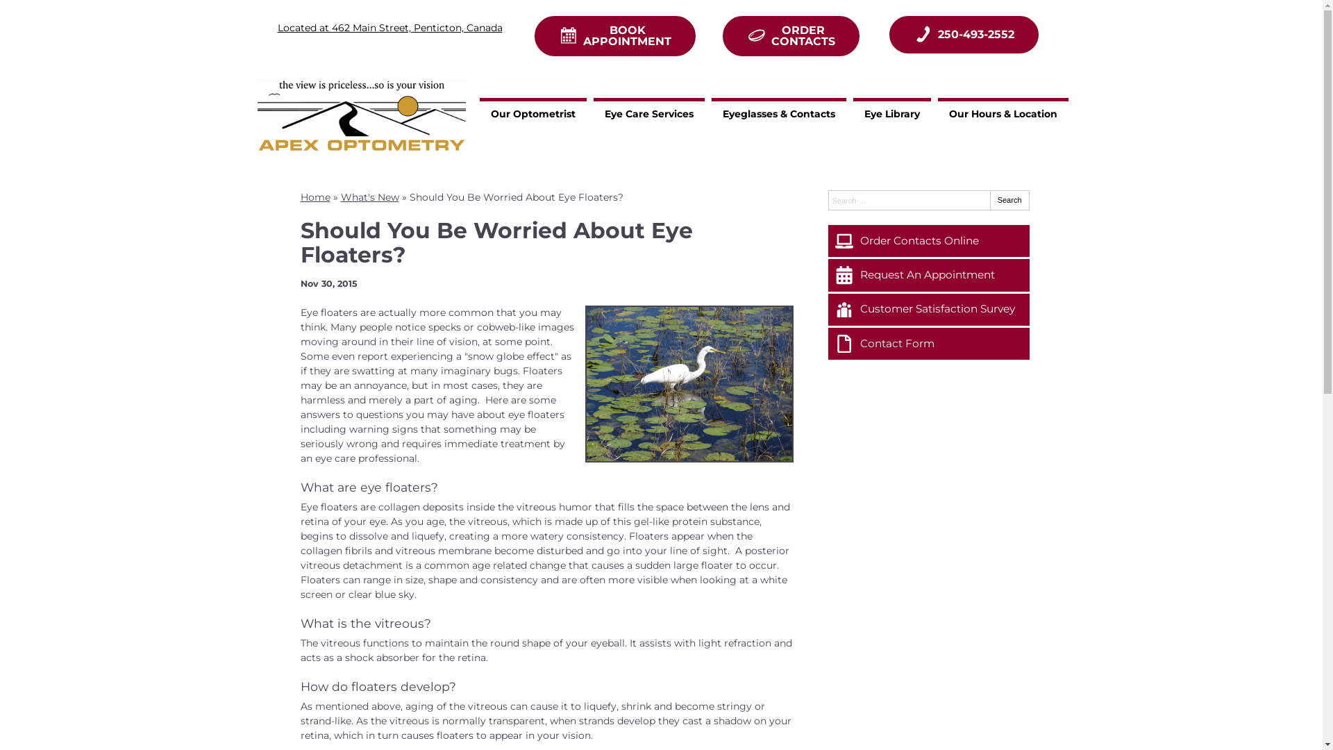 Image resolution: width=1333 pixels, height=750 pixels. What do you see at coordinates (886, 34) in the screenshot?
I see `'250-493-2552'` at bounding box center [886, 34].